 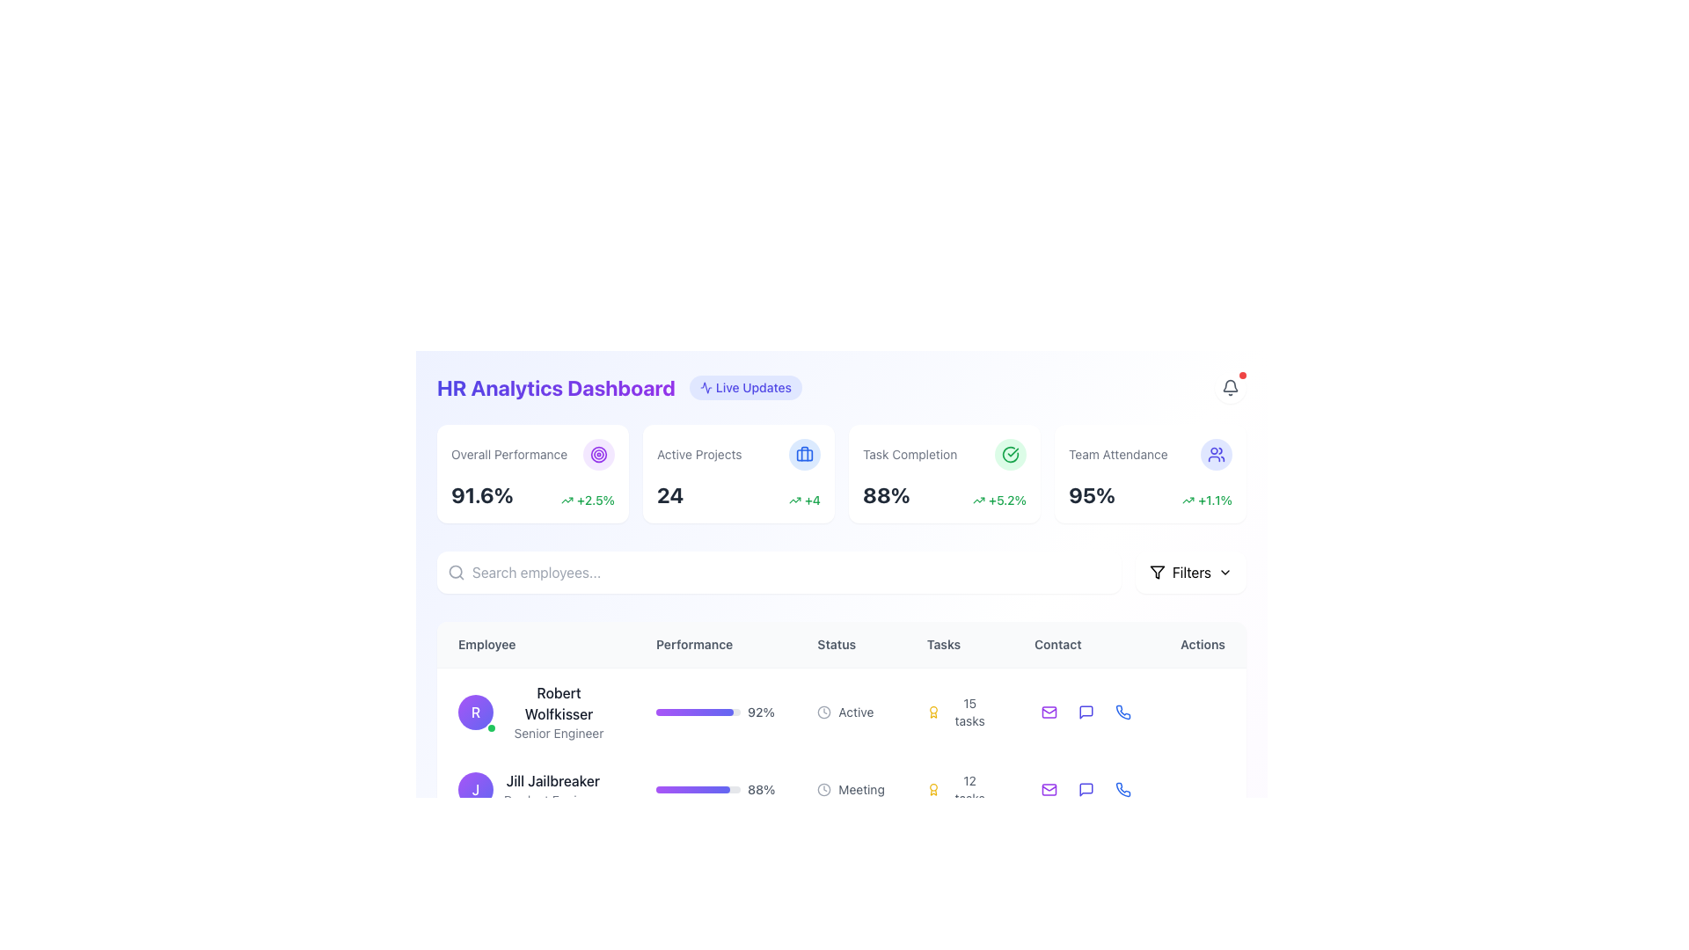 What do you see at coordinates (851, 712) in the screenshot?
I see `the text label 'active' with a small clock icon next to it, located in the 'Status' column of the employee list` at bounding box center [851, 712].